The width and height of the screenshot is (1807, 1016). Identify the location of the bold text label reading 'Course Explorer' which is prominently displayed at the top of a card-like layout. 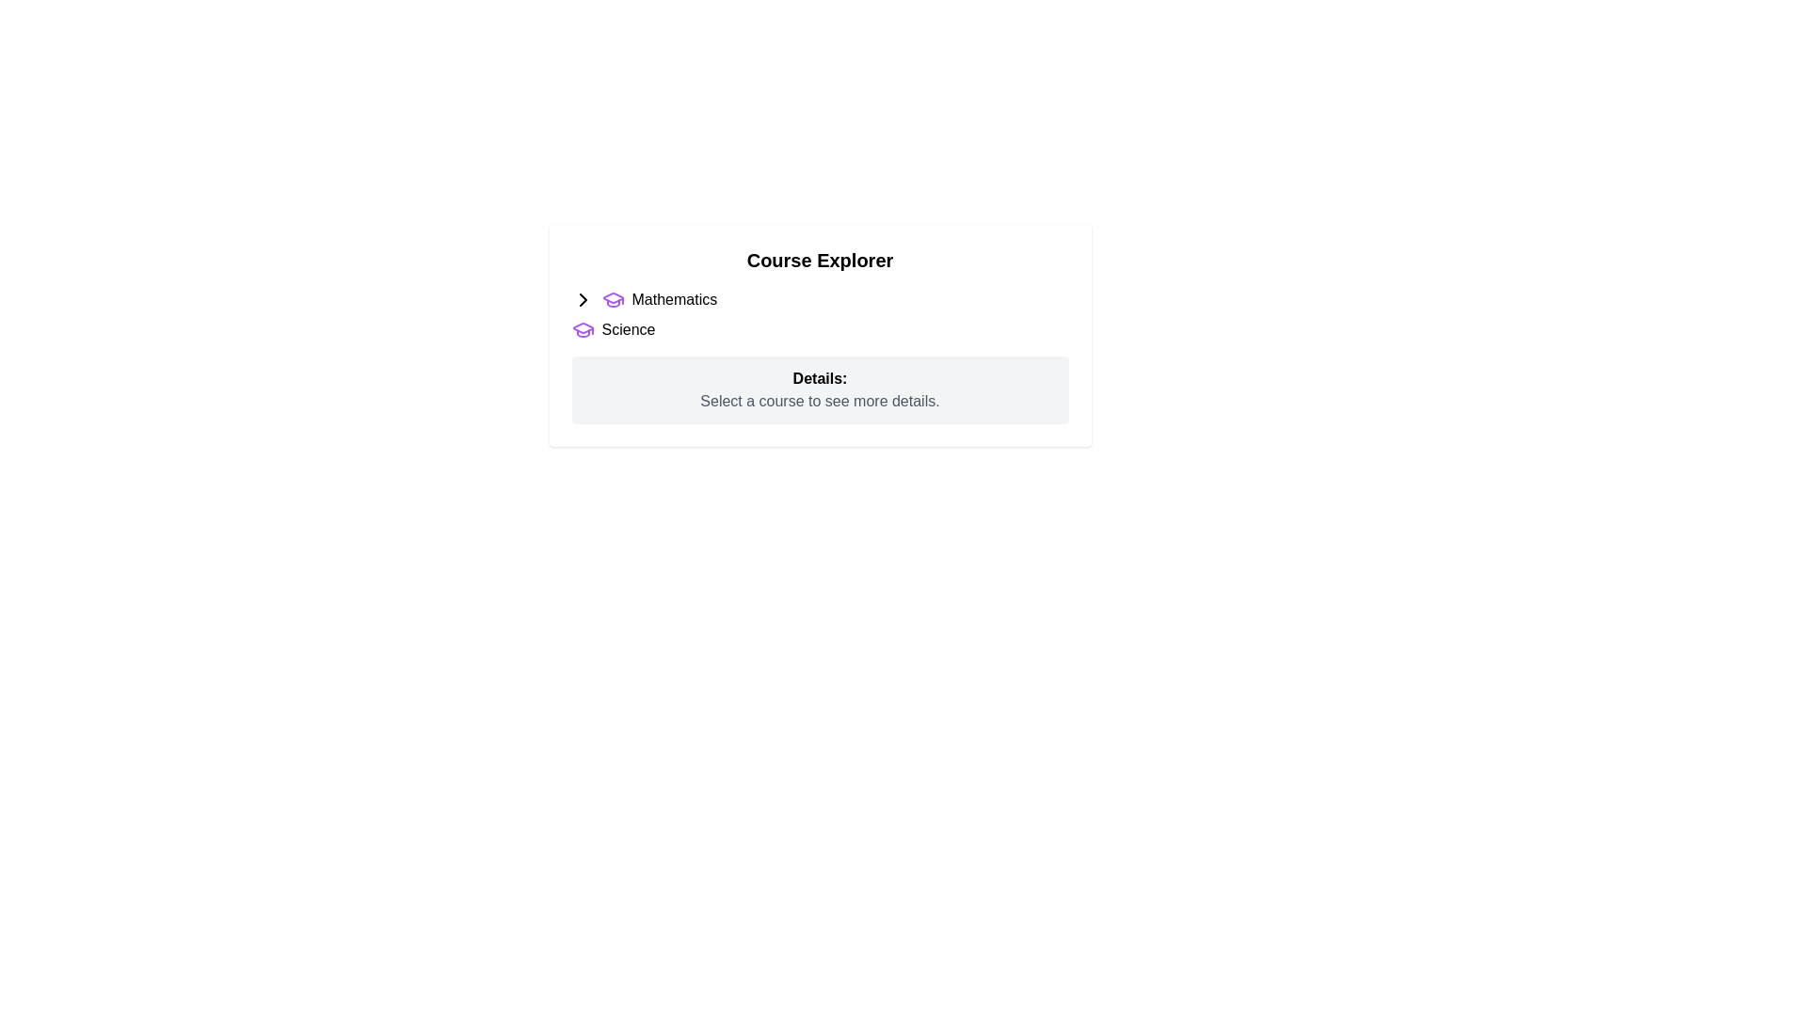
(820, 261).